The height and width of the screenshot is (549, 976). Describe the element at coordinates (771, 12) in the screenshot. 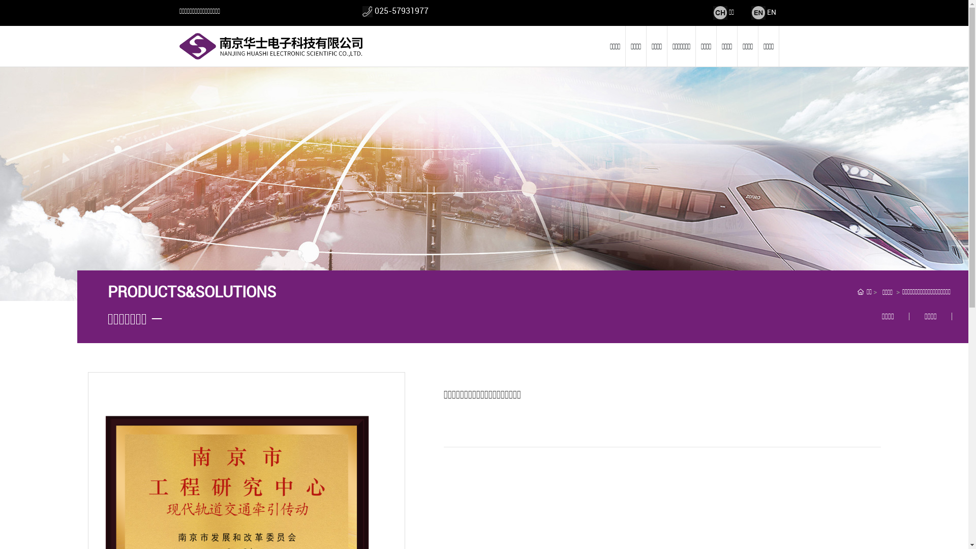

I see `'EN'` at that location.